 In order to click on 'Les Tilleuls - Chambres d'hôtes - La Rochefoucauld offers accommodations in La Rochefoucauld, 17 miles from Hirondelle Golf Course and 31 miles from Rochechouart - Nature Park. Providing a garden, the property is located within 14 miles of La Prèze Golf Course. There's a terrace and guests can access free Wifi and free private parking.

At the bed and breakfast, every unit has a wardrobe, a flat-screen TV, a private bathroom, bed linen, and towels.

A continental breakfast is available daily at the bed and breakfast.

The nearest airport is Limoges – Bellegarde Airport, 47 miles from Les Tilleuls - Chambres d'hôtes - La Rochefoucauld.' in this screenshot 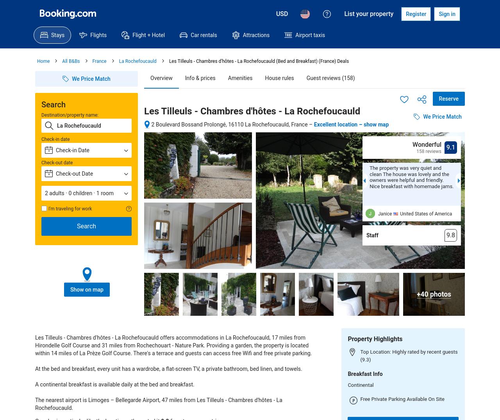, I will do `click(173, 372)`.